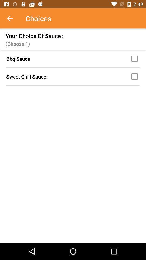 The image size is (146, 260). Describe the element at coordinates (135, 58) in the screenshot. I see `bbqsquce` at that location.